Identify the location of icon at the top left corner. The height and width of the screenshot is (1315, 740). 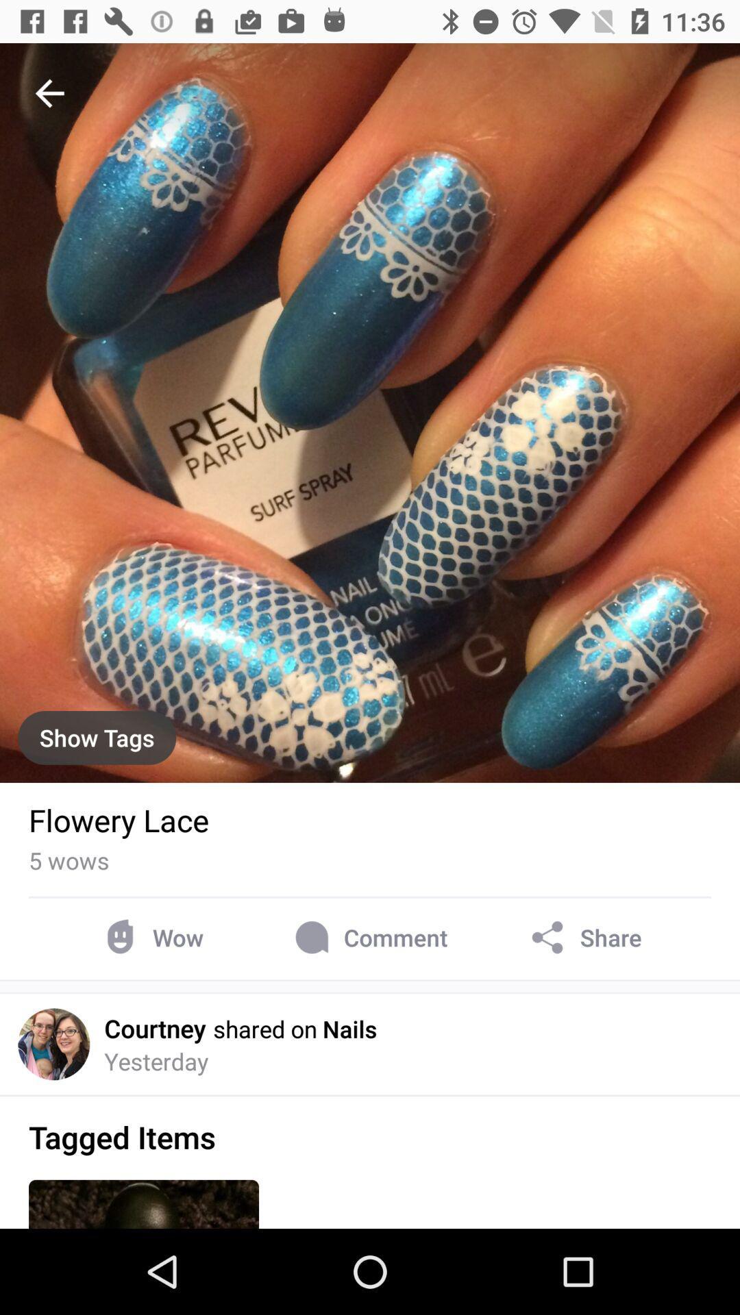
(49, 92).